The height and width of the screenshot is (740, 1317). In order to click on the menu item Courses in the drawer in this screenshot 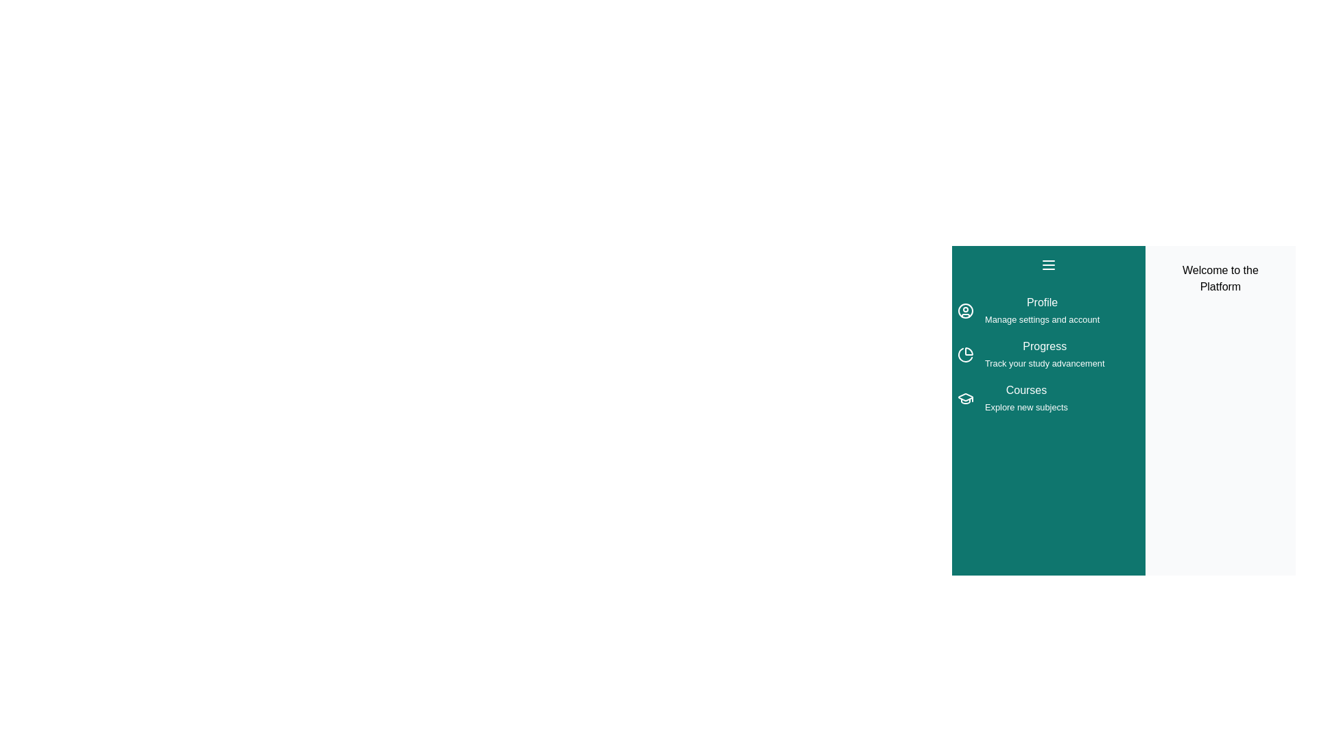, I will do `click(1047, 399)`.